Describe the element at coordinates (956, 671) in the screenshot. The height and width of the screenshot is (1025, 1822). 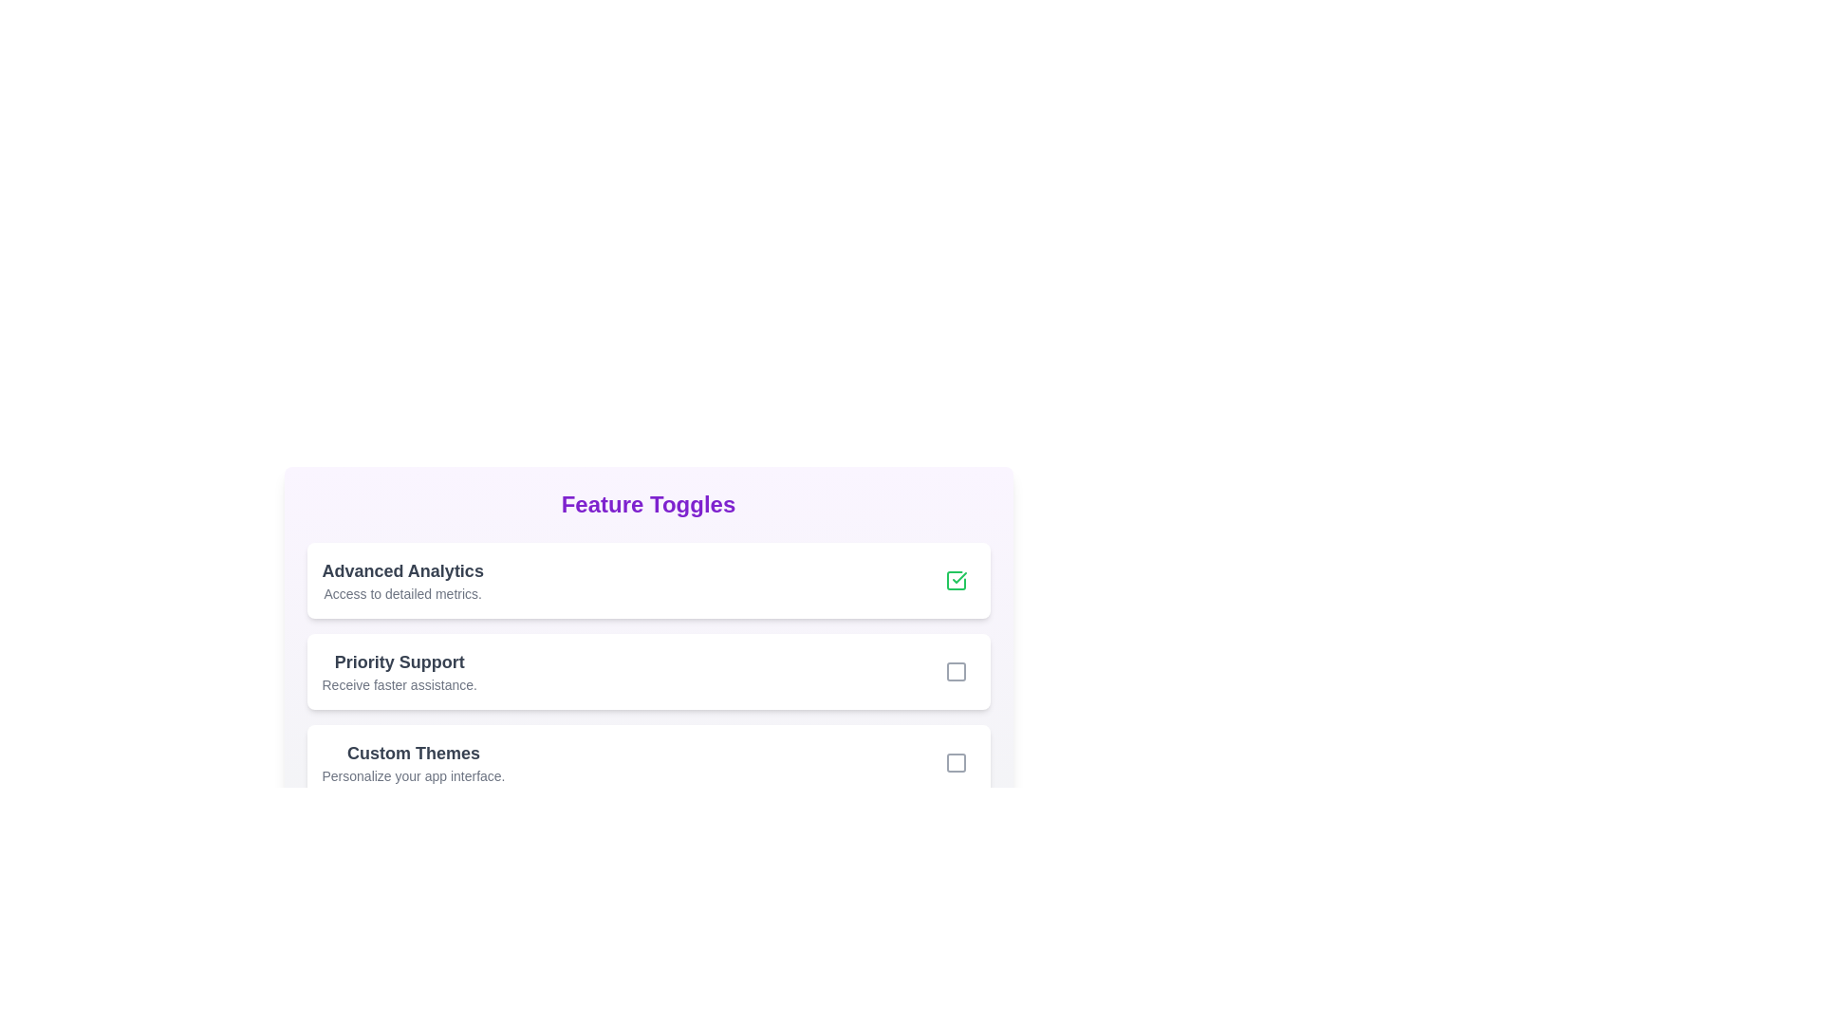
I see `the second toggle icon, which is outlined in gray and positioned to the right of the 'Priority Support' title in the feature toggle section` at that location.